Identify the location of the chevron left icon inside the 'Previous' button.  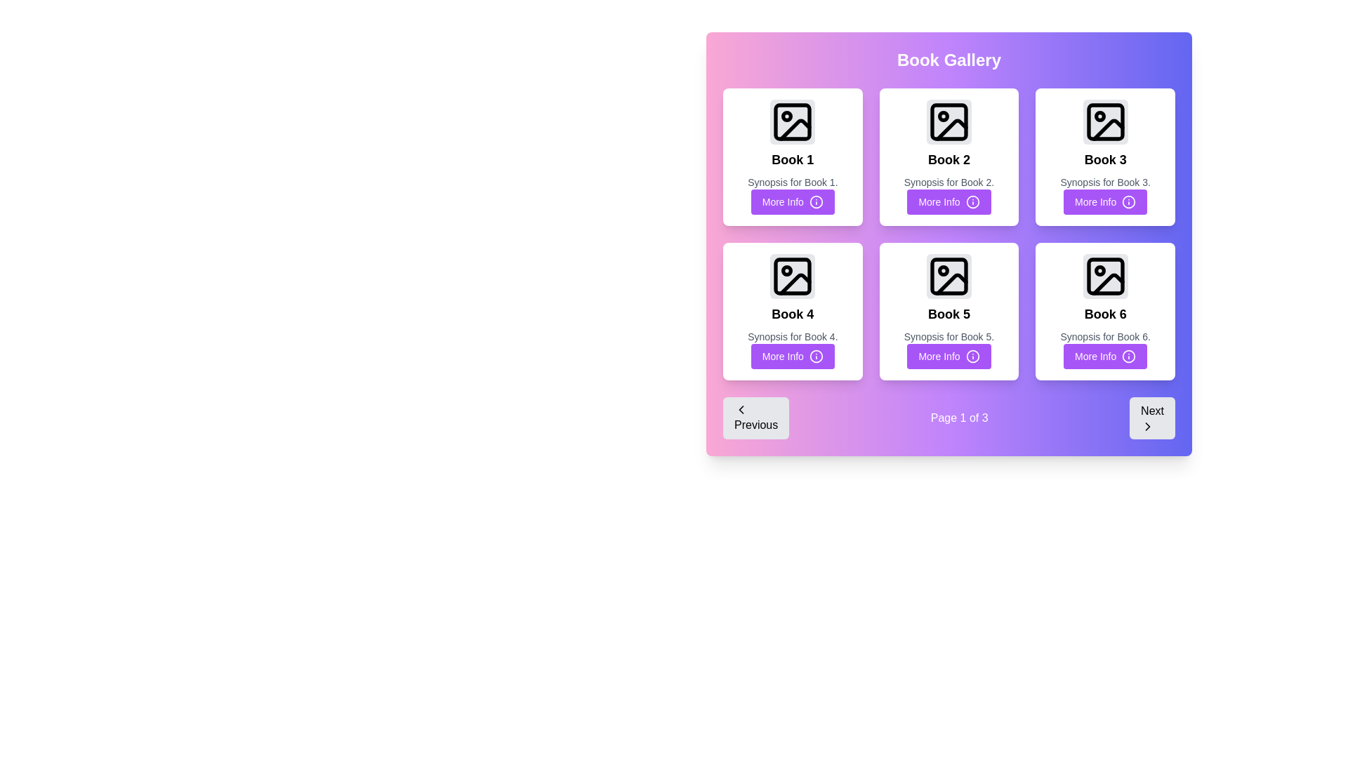
(741, 409).